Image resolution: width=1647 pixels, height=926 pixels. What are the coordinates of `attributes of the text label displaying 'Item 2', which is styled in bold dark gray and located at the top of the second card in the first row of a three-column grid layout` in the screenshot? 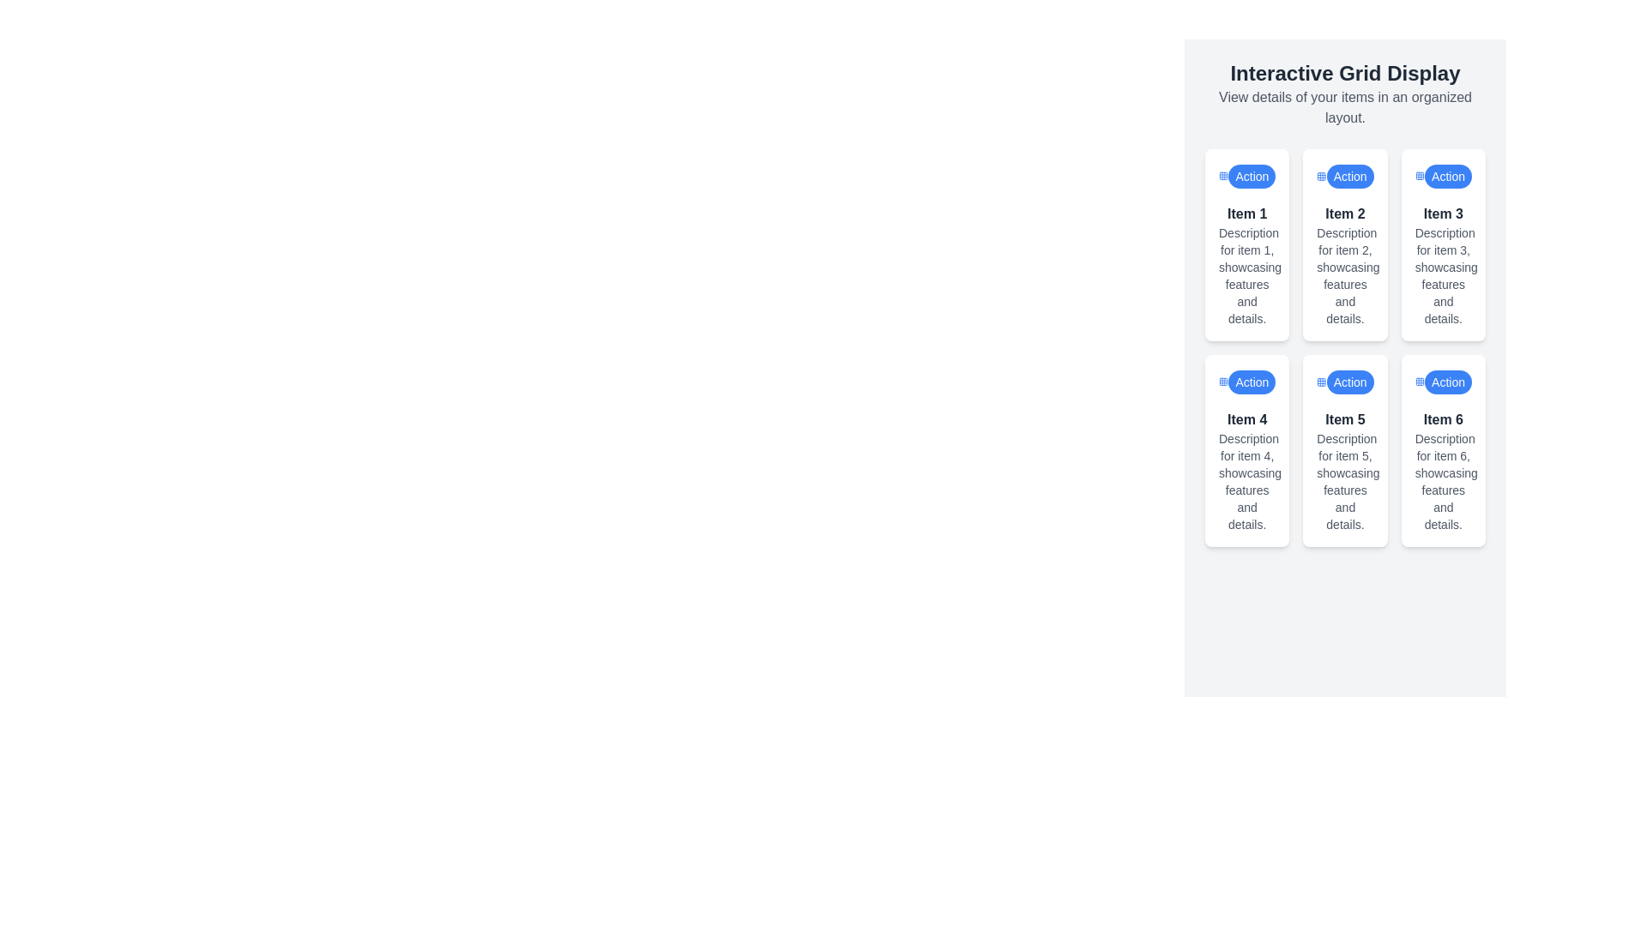 It's located at (1344, 213).